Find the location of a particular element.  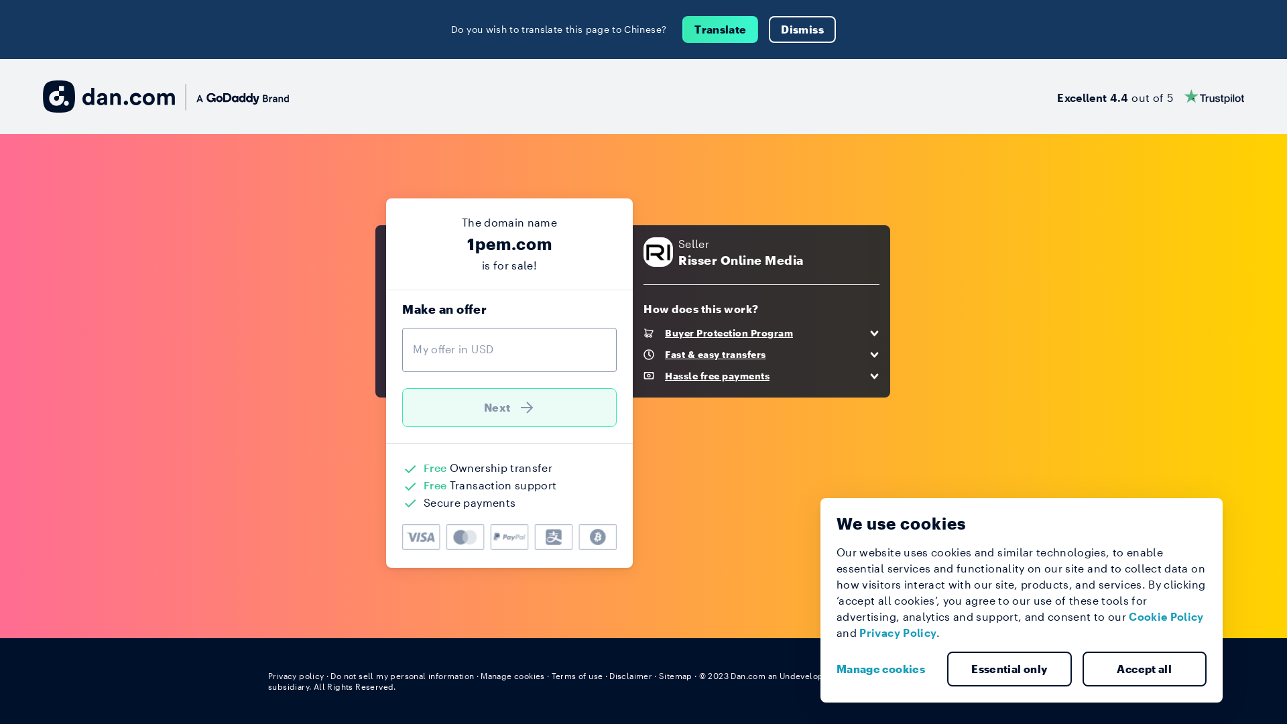

'Sitemap' is located at coordinates (676, 675).